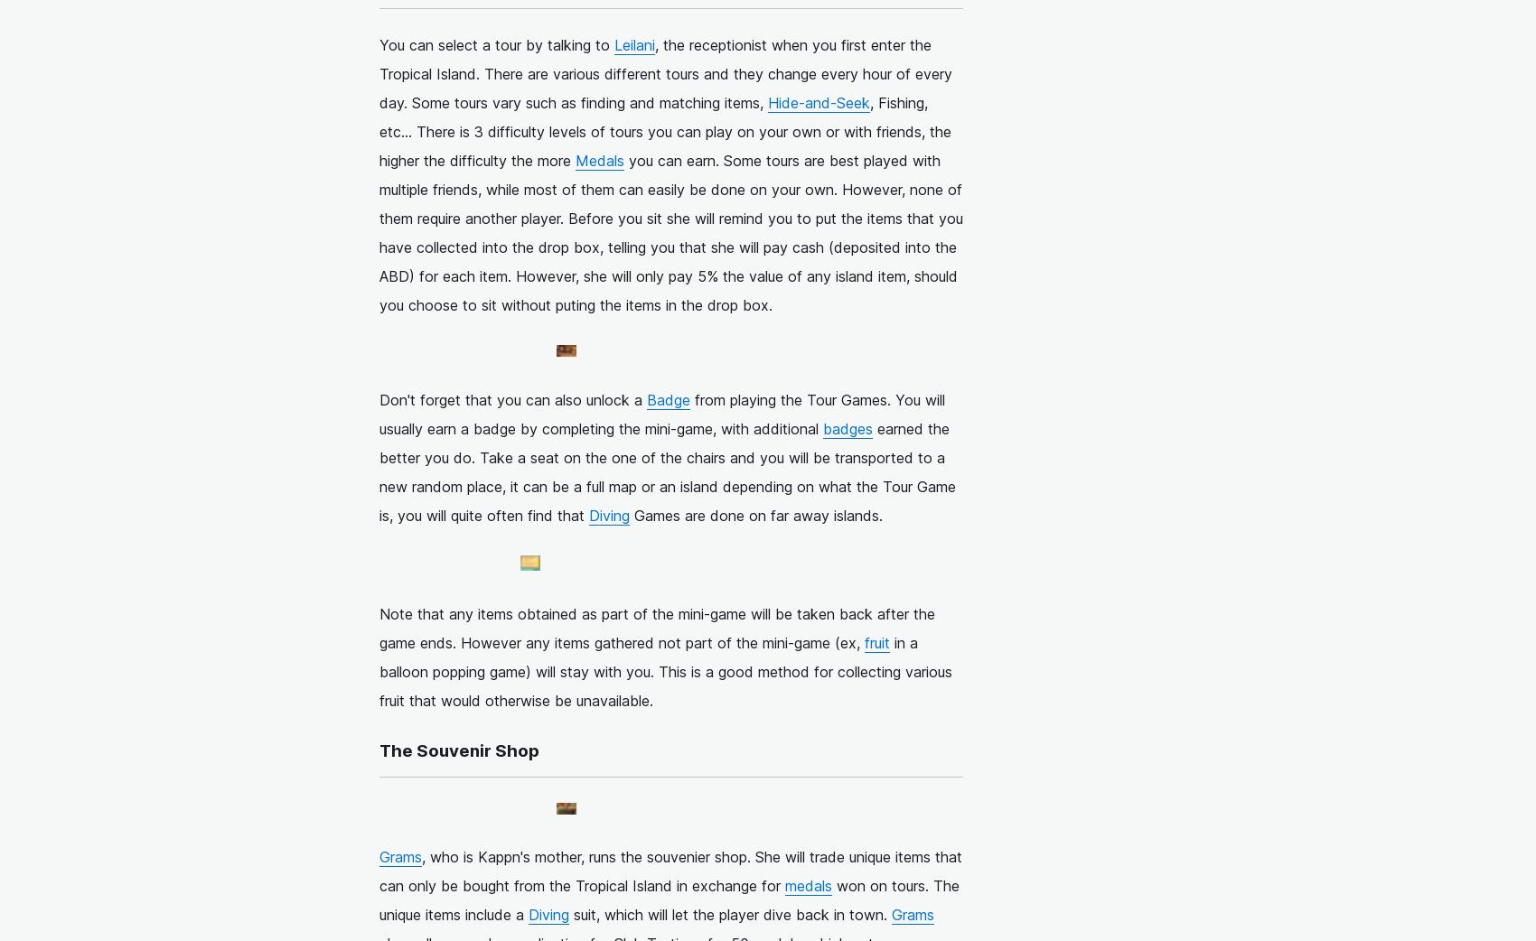 The image size is (1536, 941). Describe the element at coordinates (809, 886) in the screenshot. I see `'medals'` at that location.